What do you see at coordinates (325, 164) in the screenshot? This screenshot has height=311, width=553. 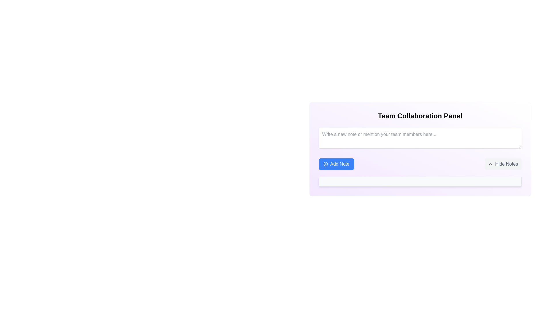 I see `the small circular icon with a plus sign inside, which has a blue border and is located to the left of the 'Add Note' text in the button` at bounding box center [325, 164].